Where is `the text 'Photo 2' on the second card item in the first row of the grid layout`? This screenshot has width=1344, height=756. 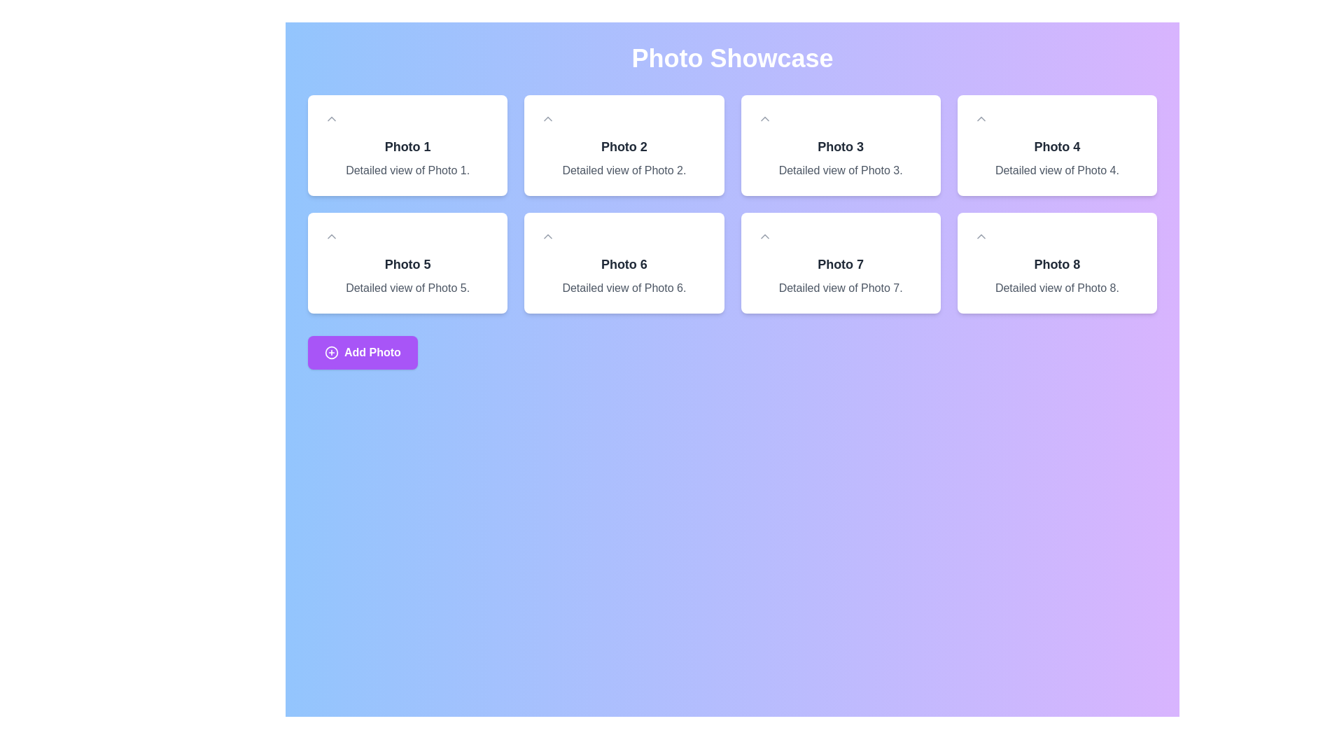 the text 'Photo 2' on the second card item in the first row of the grid layout is located at coordinates (623, 146).